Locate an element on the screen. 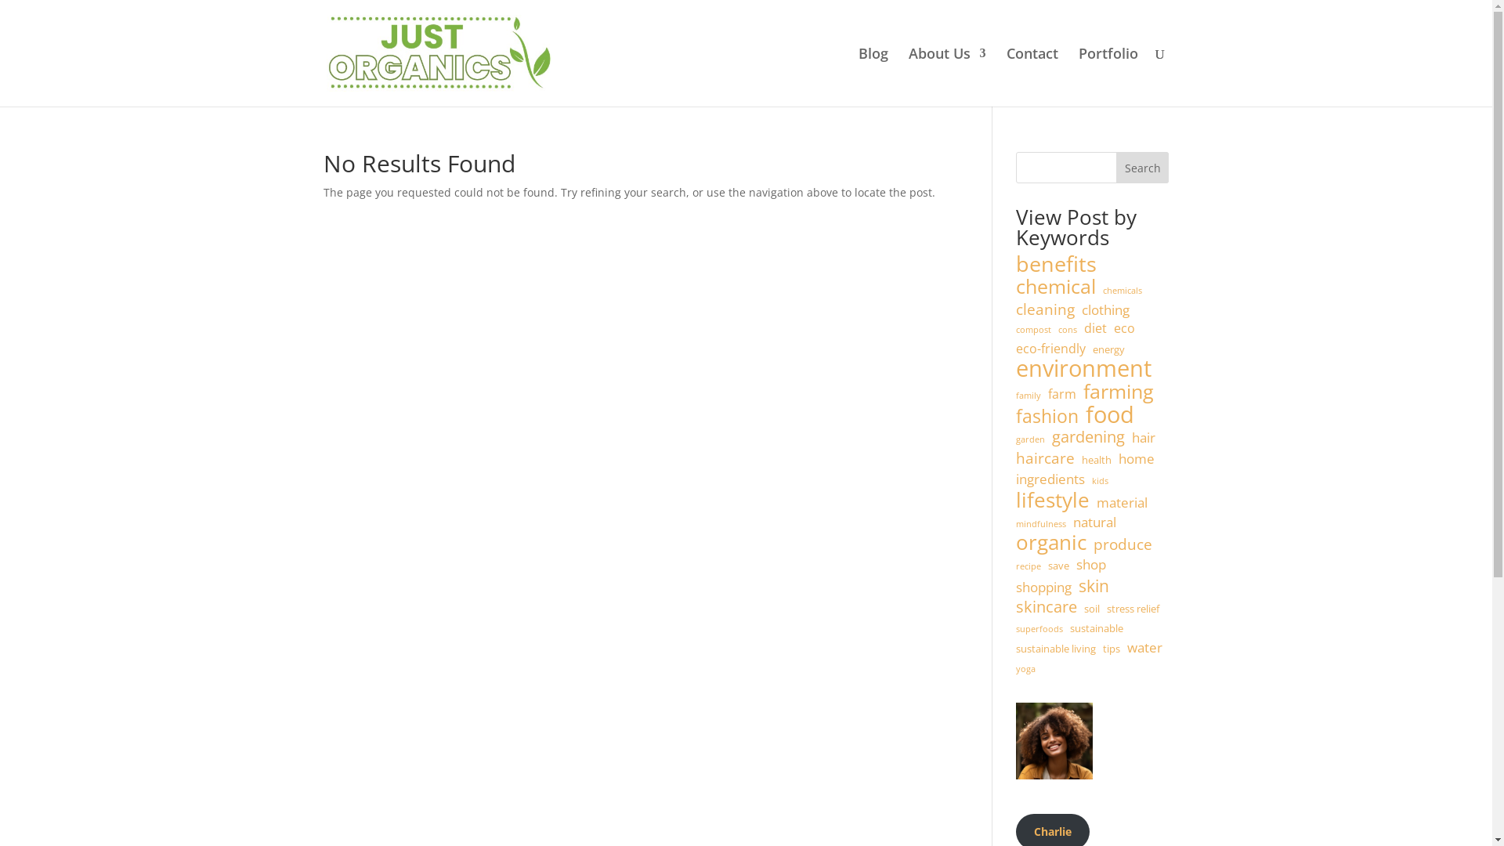 The image size is (1504, 846). 'home' is located at coordinates (1118, 458).